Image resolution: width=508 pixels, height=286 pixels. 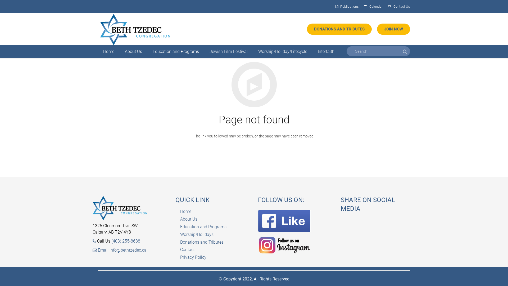 I want to click on '(403) 255-8688', so click(x=125, y=241).